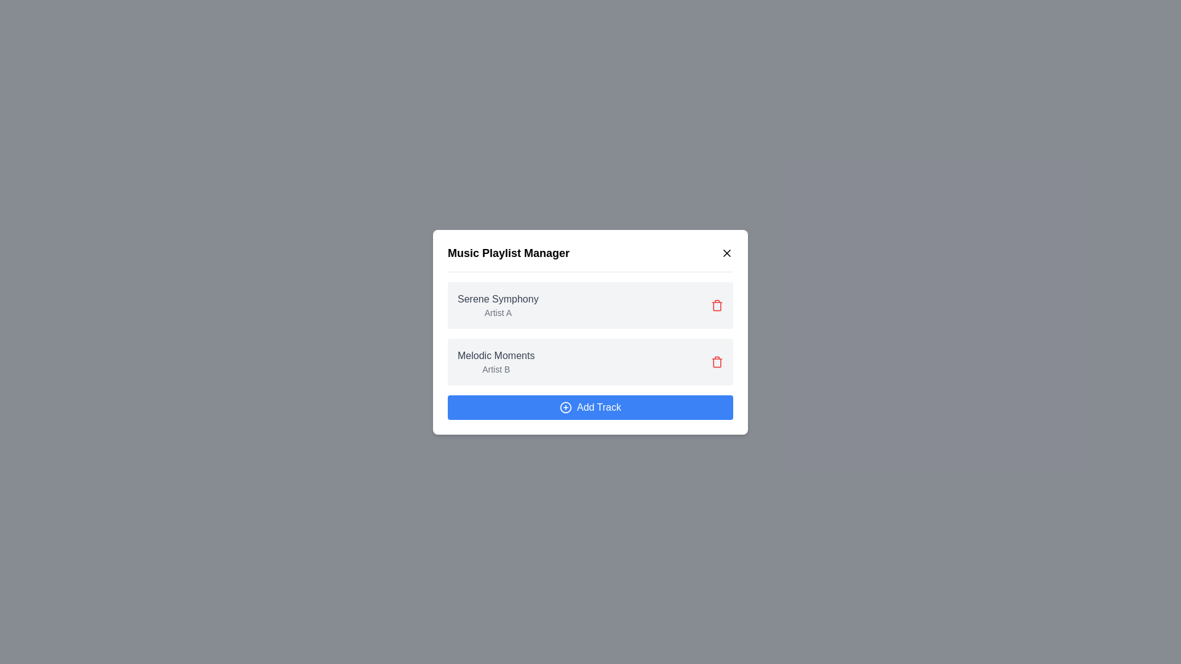 Image resolution: width=1181 pixels, height=664 pixels. Describe the element at coordinates (565, 407) in the screenshot. I see `the decorative SVG circle located at the center of the circular button in the lower row of the modal window, specifically above the 'Add Track' button, to trigger visual cues` at that location.